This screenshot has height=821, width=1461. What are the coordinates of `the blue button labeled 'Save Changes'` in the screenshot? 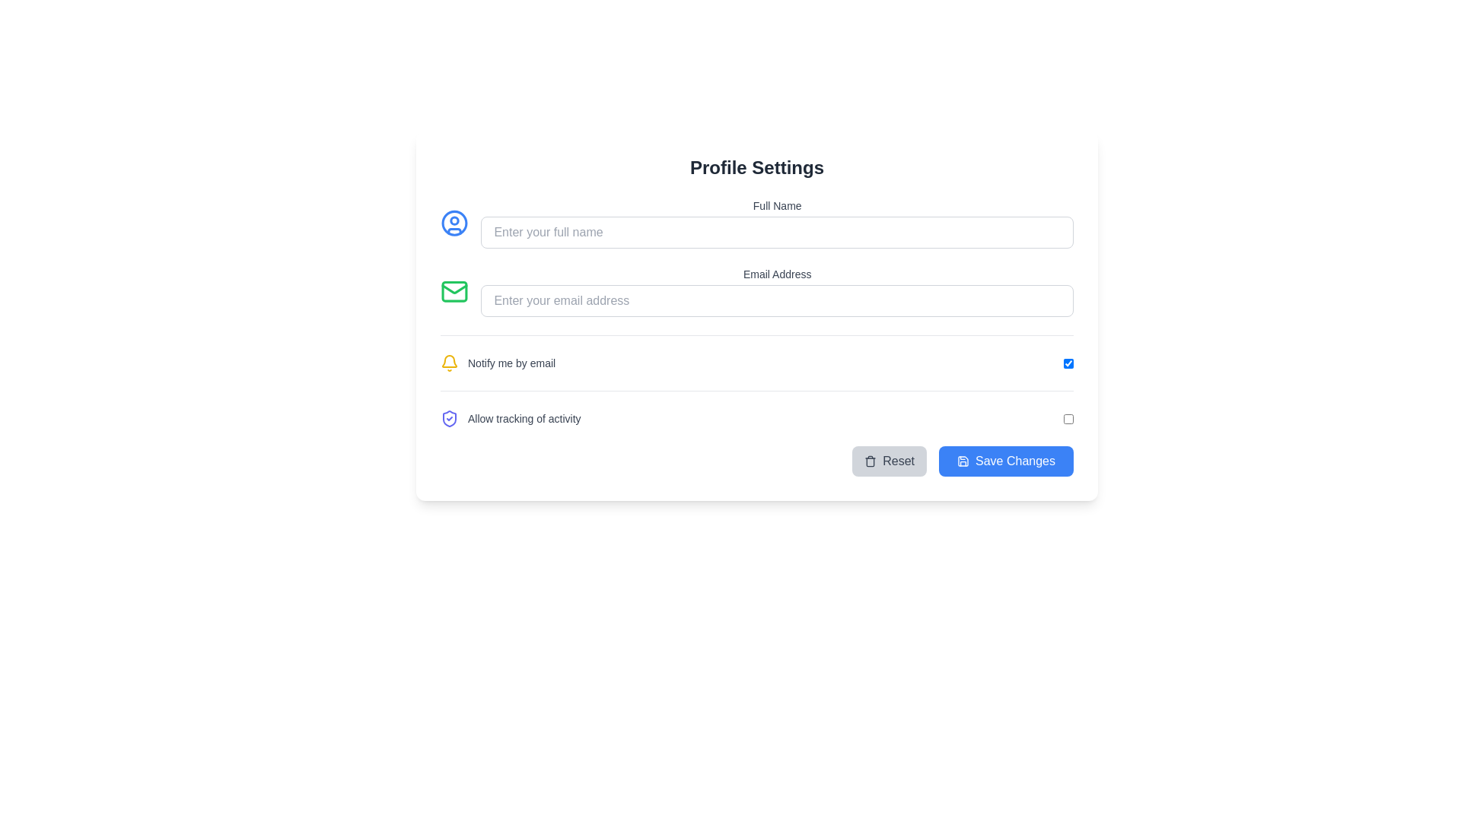 It's located at (1006, 460).